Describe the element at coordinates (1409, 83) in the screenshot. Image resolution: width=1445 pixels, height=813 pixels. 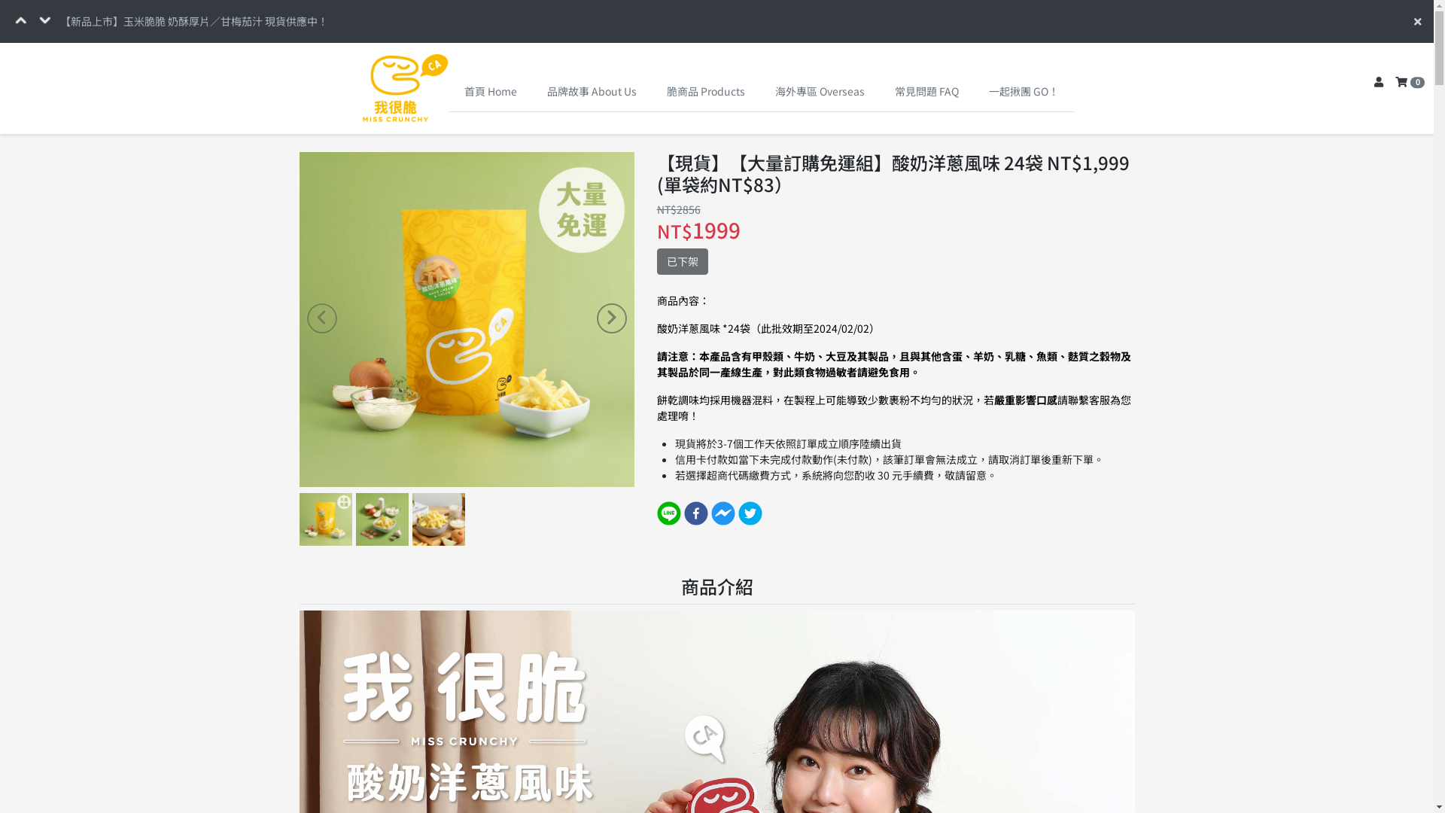
I see `'0'` at that location.